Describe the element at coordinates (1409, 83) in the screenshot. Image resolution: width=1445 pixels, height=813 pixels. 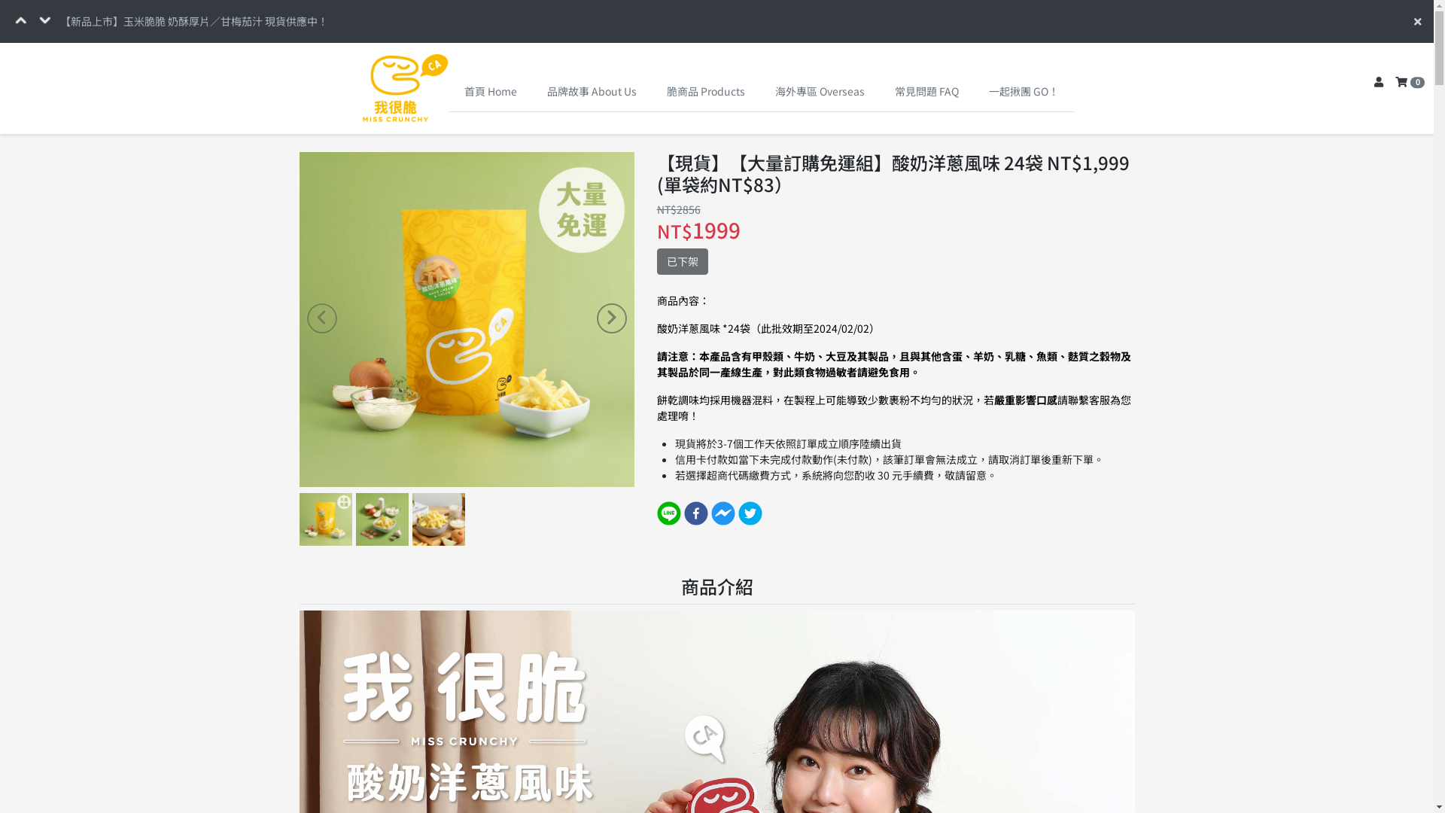
I see `'0'` at that location.